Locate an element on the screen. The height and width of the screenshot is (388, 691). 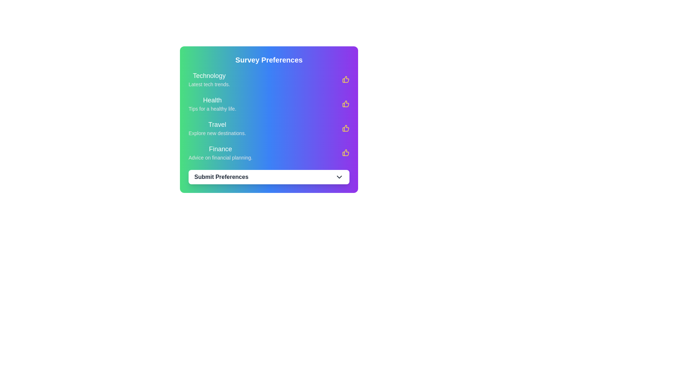
the 'Travel' text and its subtitle 'Explore new destinations.' in the survey preferences interface, which is the third entry in a vertically aligned list, positioned between 'Health' and 'Finance' is located at coordinates (217, 128).